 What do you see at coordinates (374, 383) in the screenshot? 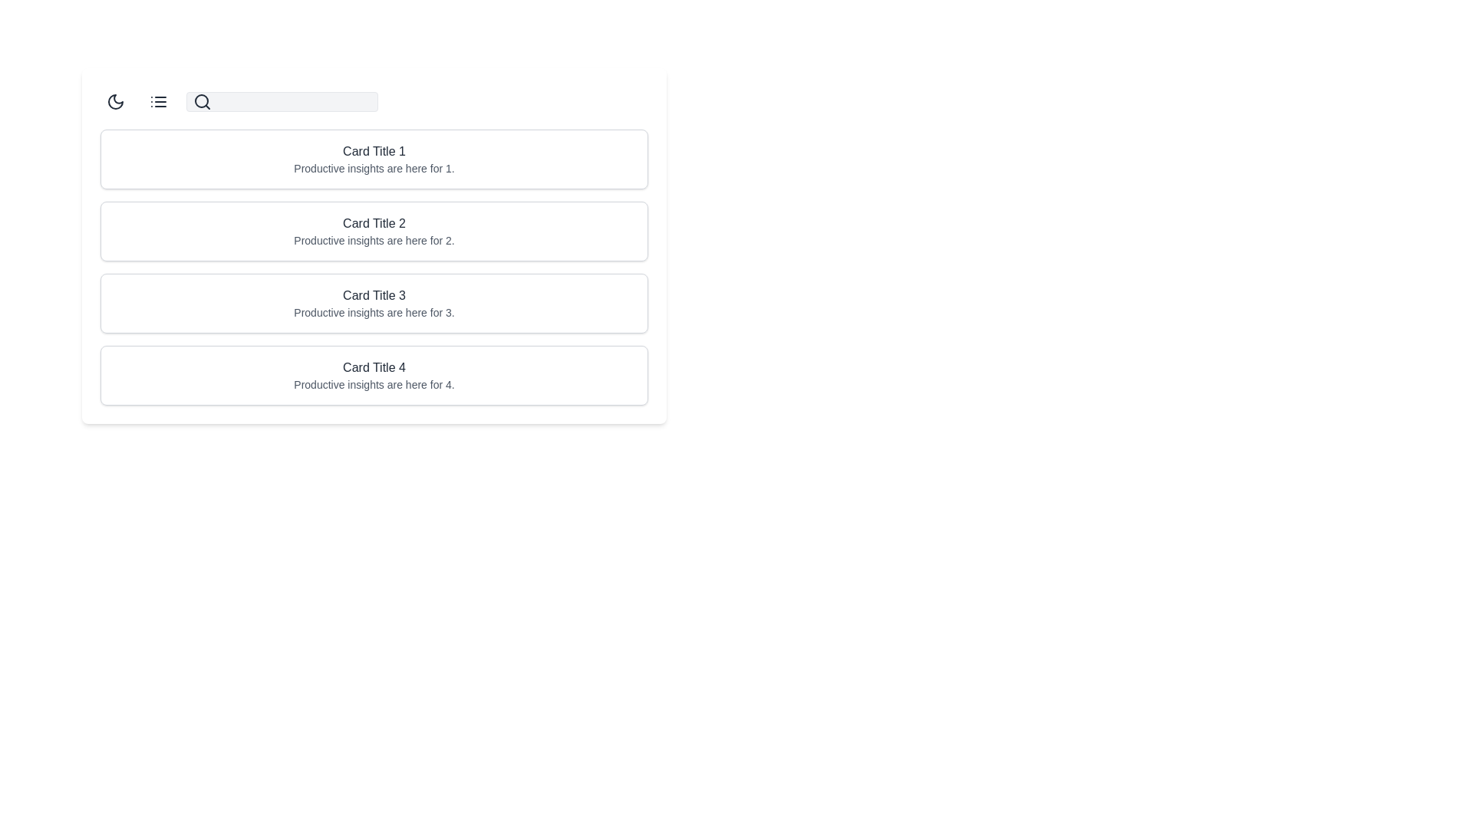
I see `the static text element that displays 'Productive insights are here for 4.' located below 'Card Title 4' in the fourth card of a vertical list` at bounding box center [374, 383].